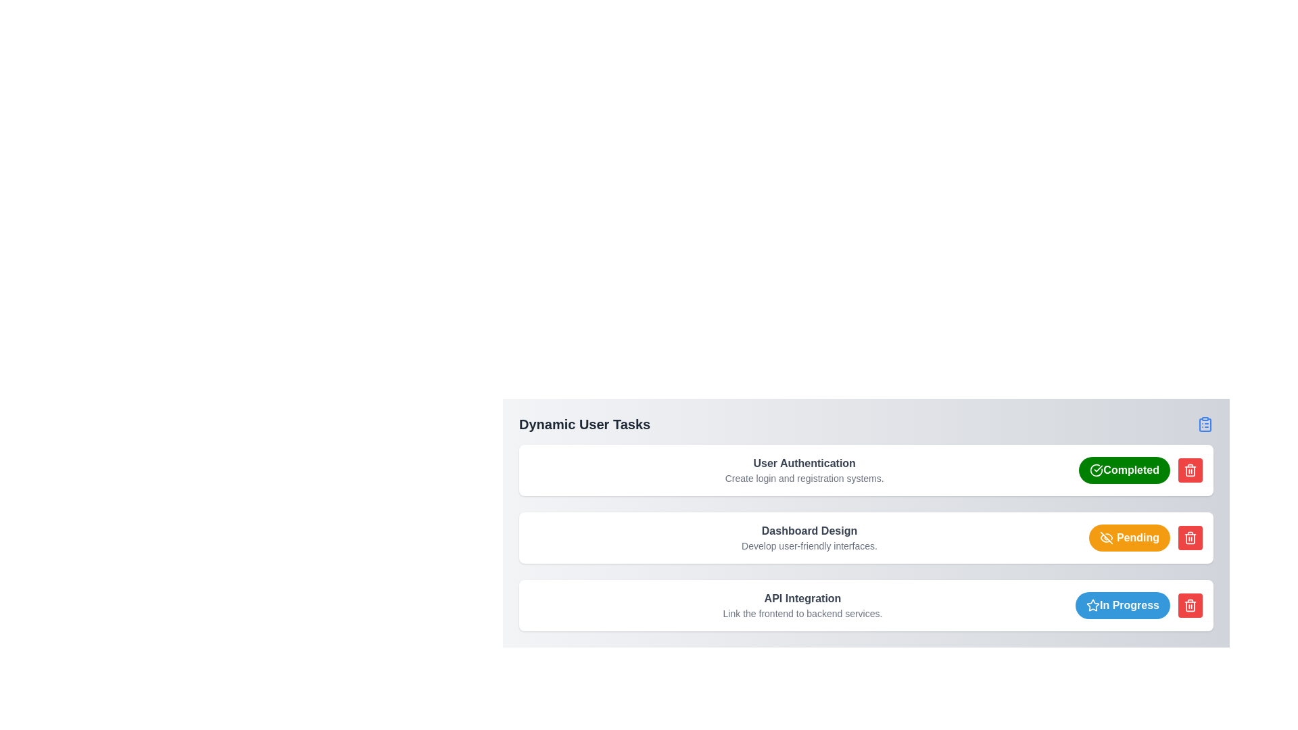  What do you see at coordinates (866, 604) in the screenshot?
I see `the task summary card displaying 'In Progress' status, located in the vertical list of task cards under 'Dynamic User Tasks'` at bounding box center [866, 604].